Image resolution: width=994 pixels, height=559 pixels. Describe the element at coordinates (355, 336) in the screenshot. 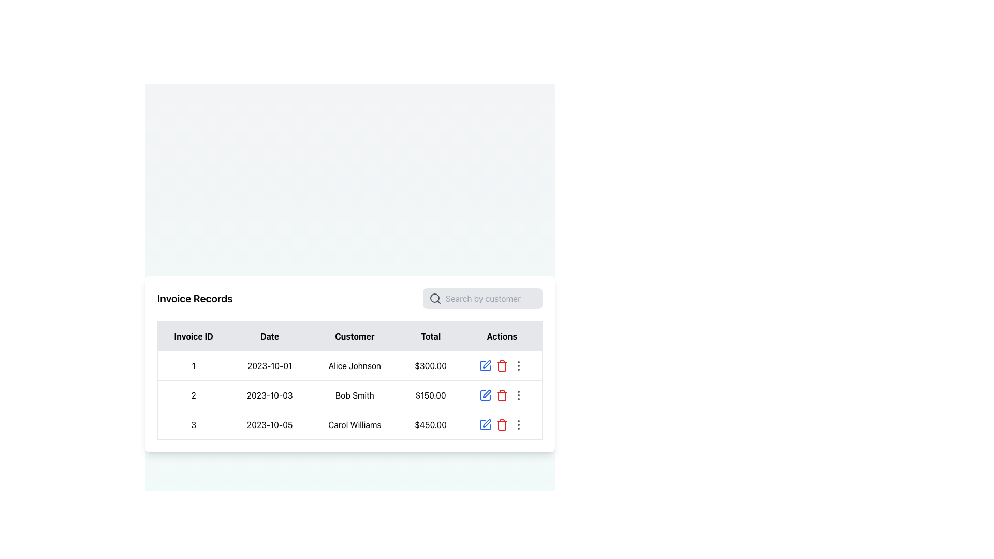

I see `the 'Customer' text label which is styled in bold black font and located in the header of the table, between 'Date' and 'Total'` at that location.